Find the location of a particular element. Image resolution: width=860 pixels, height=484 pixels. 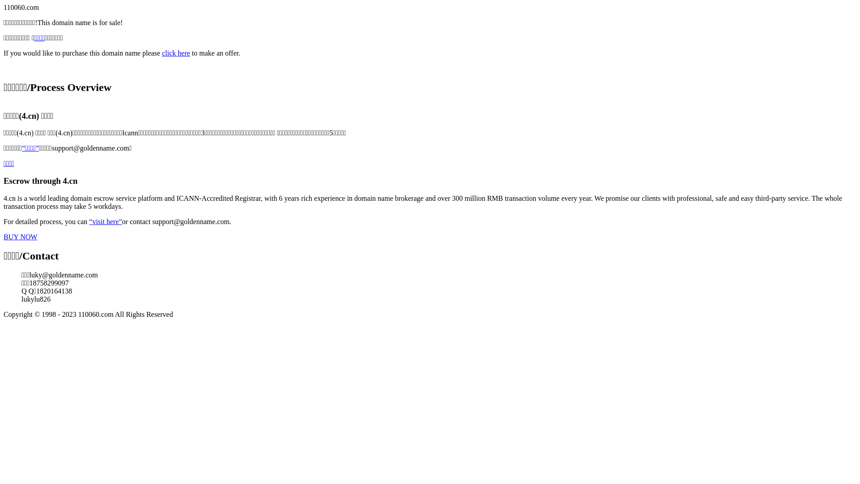

'BUY NOW' is located at coordinates (20, 236).